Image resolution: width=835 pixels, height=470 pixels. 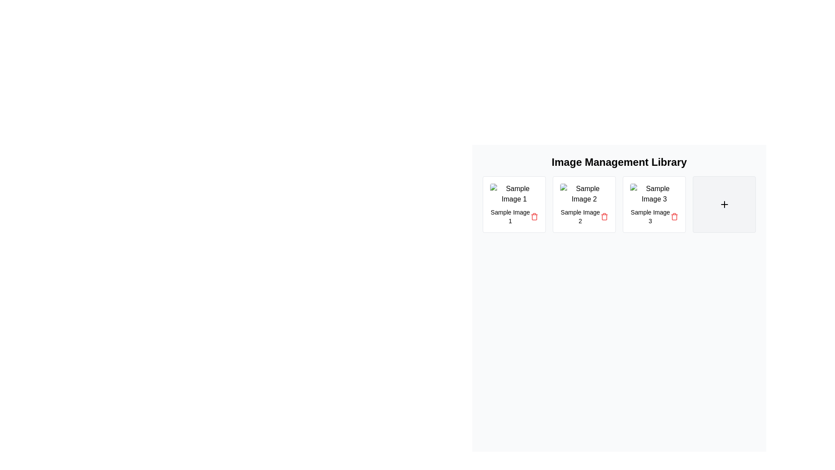 What do you see at coordinates (724, 205) in the screenshot?
I see `the button with a plus icon, located at the far right of the grid layout` at bounding box center [724, 205].